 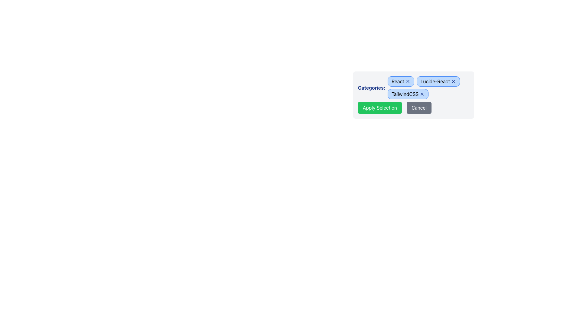 I want to click on the small blue 'X' icon button located at the right end of the pill-shaped label containing the text 'React', so click(x=408, y=81).